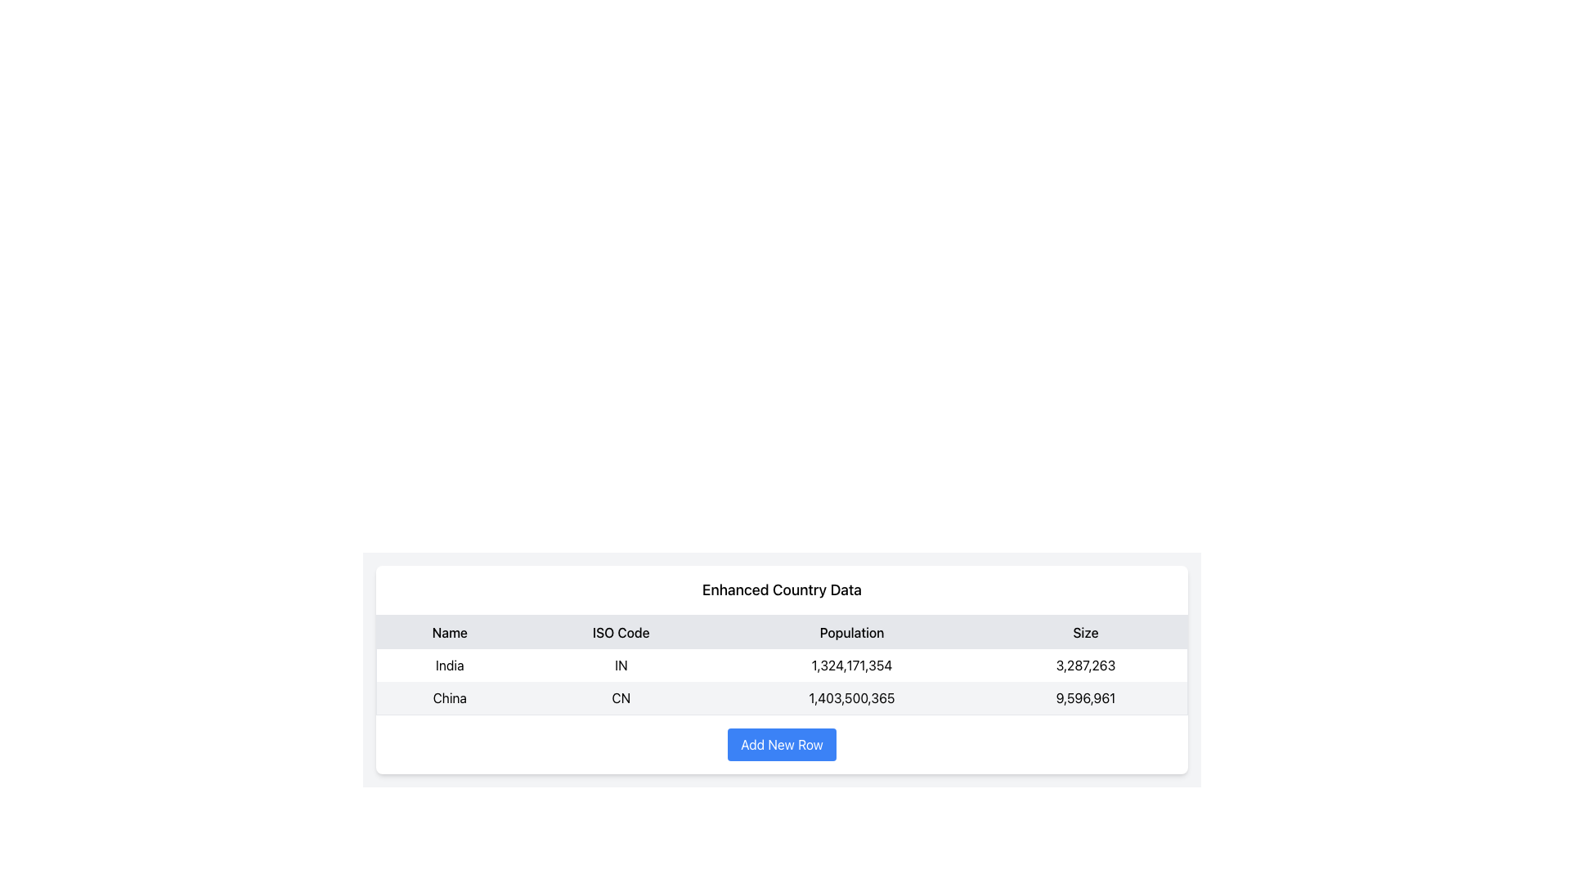 This screenshot has width=1570, height=883. Describe the element at coordinates (620, 698) in the screenshot. I see `the Text Label representing the ISO country code for China` at that location.